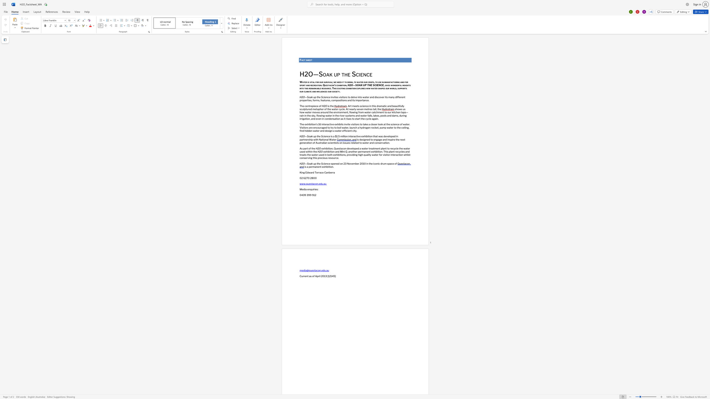  I want to click on the 1th character "b" in the text, so click(356, 163).